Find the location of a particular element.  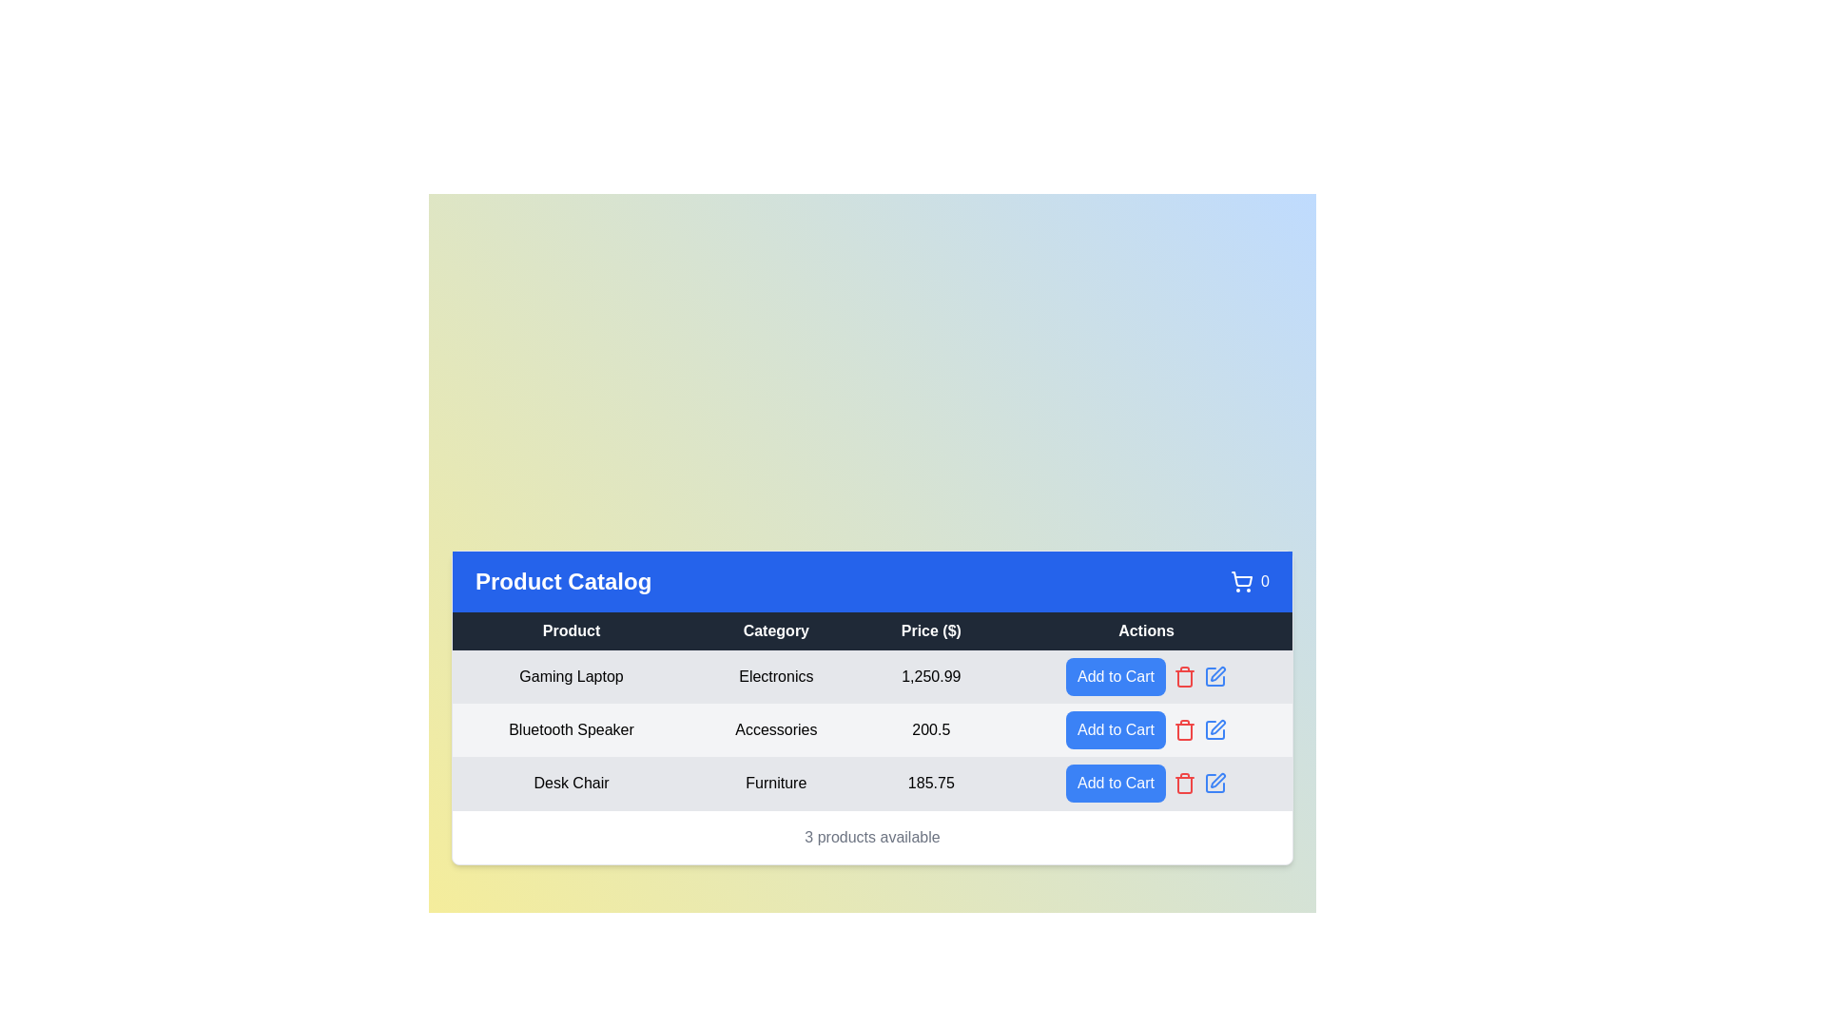

the trash bin icon button in the Actions column of the second row in the product catalog table is located at coordinates (1183, 730).